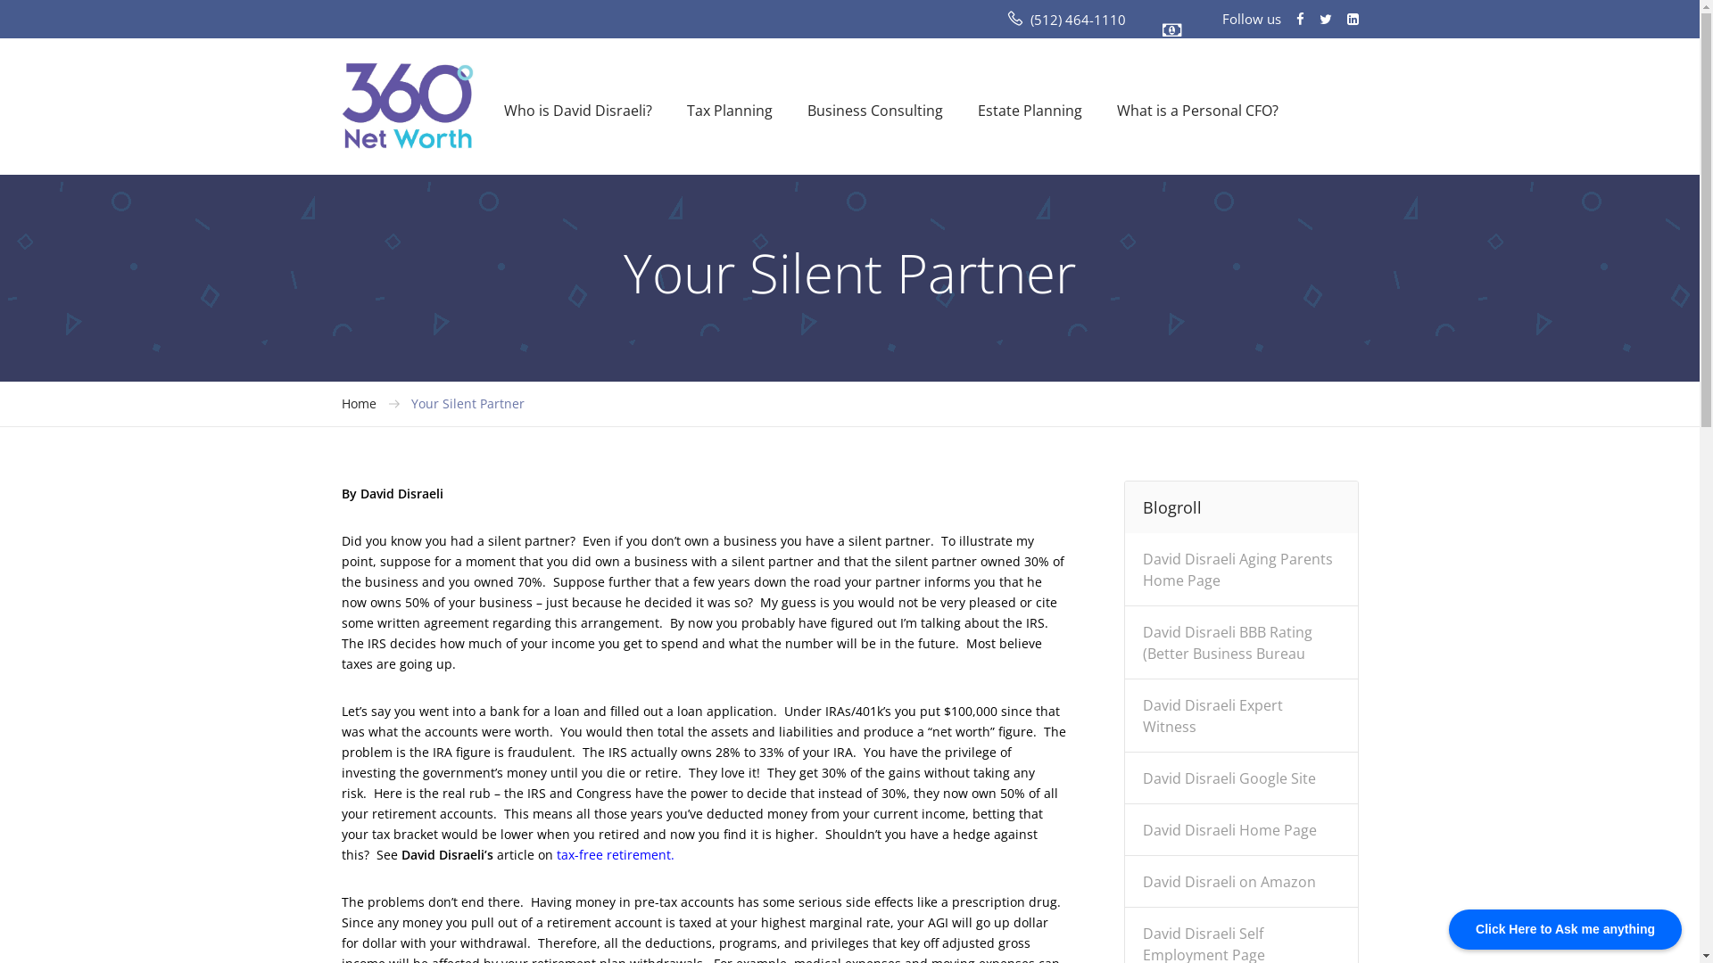 Image resolution: width=1713 pixels, height=963 pixels. What do you see at coordinates (1237, 576) in the screenshot?
I see `'David Disraeli Aging Parents Home Page'` at bounding box center [1237, 576].